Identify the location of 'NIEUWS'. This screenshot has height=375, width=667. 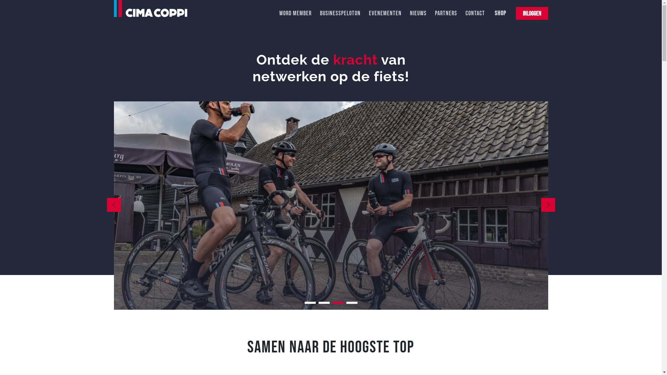
(418, 13).